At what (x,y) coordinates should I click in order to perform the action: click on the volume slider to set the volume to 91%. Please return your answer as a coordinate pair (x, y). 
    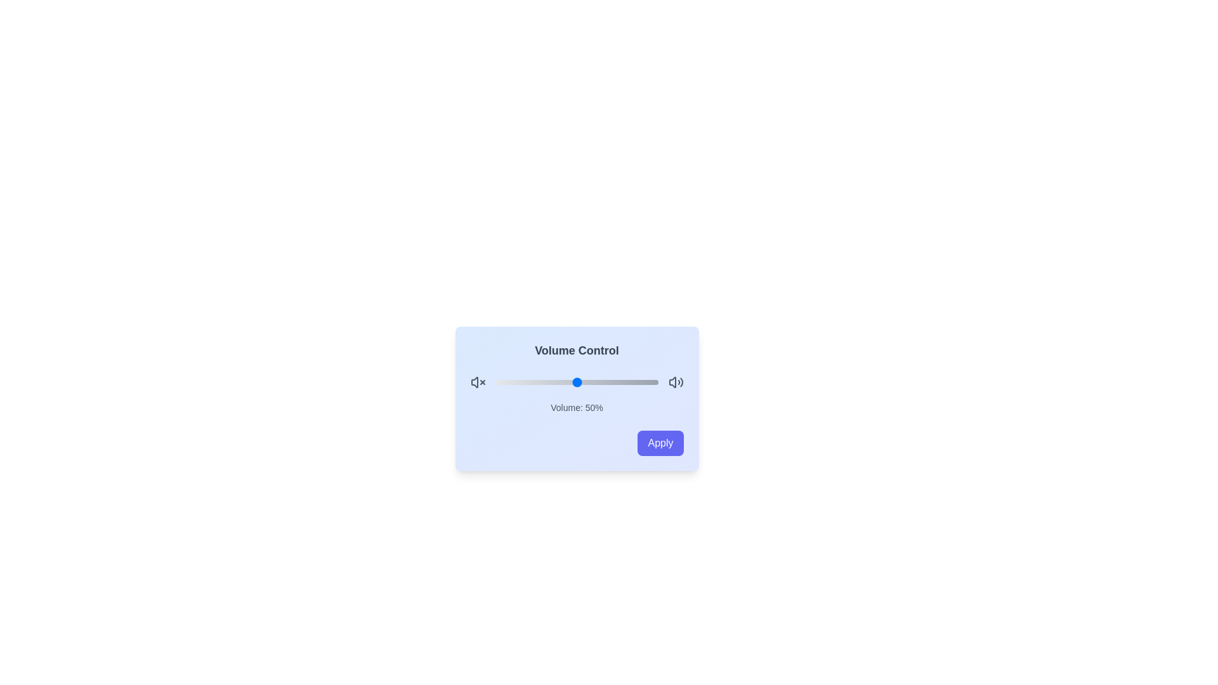
    Looking at the image, I should click on (643, 381).